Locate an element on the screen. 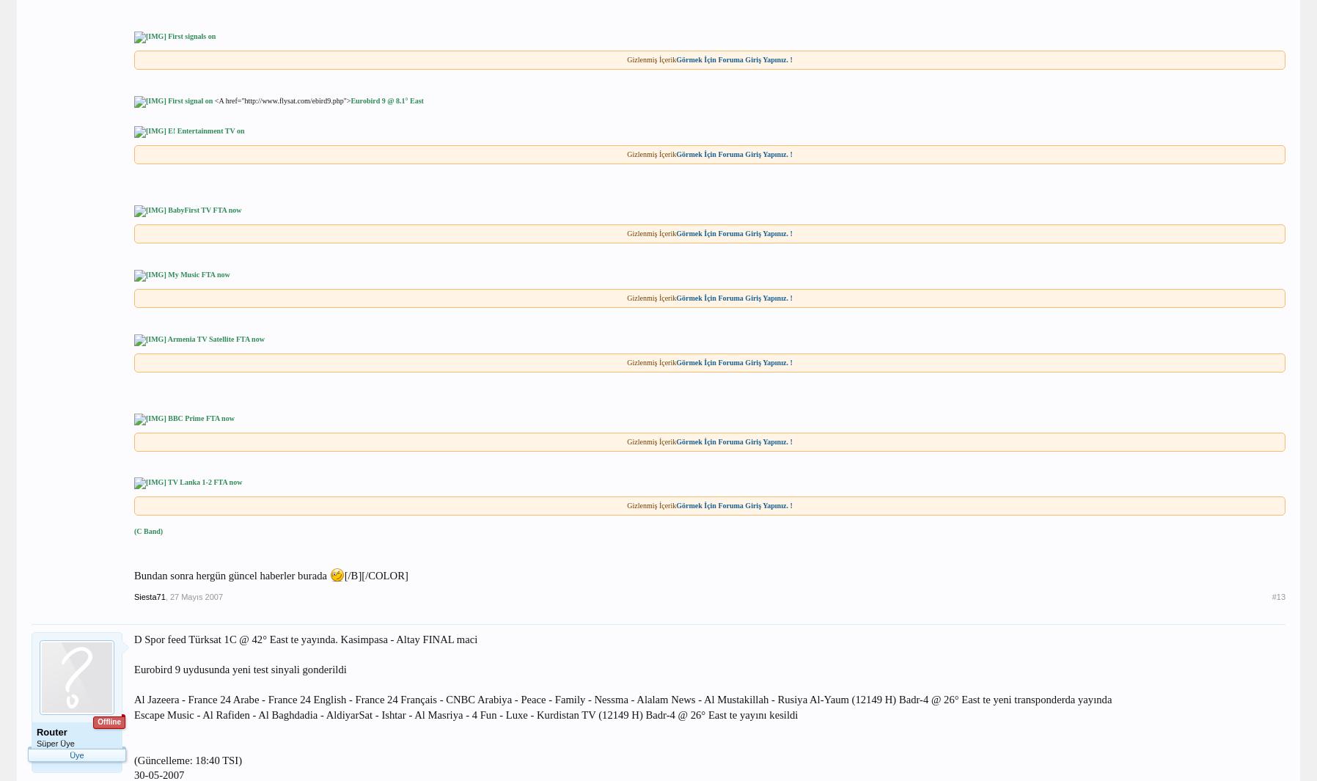 The image size is (1317, 781). 'Al Jazeera - France 24 Arabe - France 24 English - France 24 Français - CNBC Arabiya - Peace - Family - Nessma - Alalam News - Al Mustakillah - Rusiya Al-Yaum (12149 H) Badr-4 @ 26° East te yeni transponderda yayında' is located at coordinates (622, 700).